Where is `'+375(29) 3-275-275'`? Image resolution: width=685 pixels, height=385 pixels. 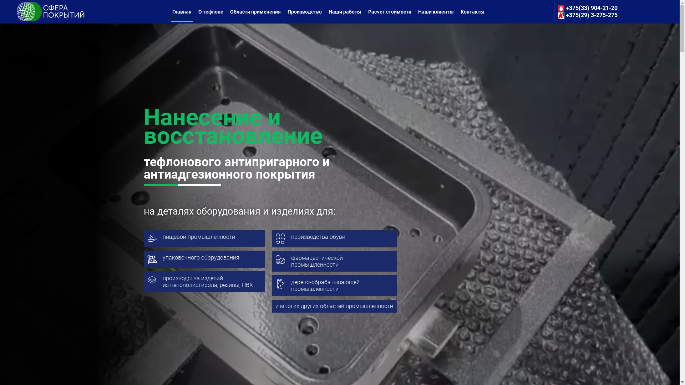 '+375(29) 3-275-275' is located at coordinates (588, 15).